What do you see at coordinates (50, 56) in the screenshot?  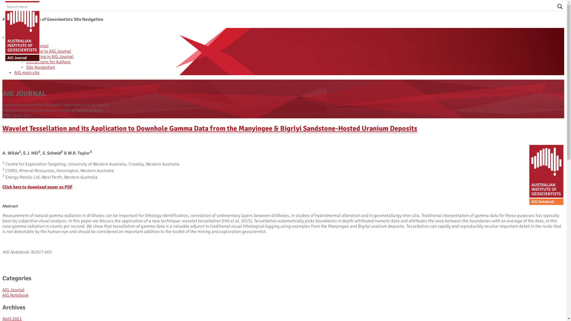 I see `'Publishing in AIG Journal'` at bounding box center [50, 56].